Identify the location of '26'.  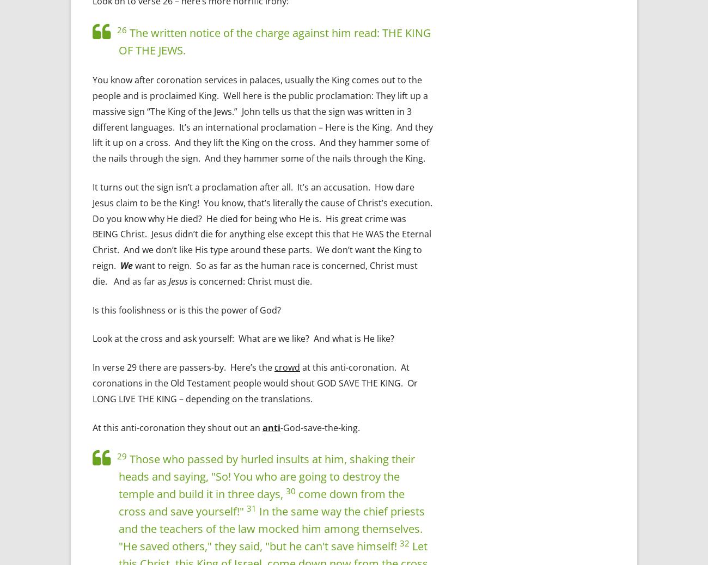
(121, 28).